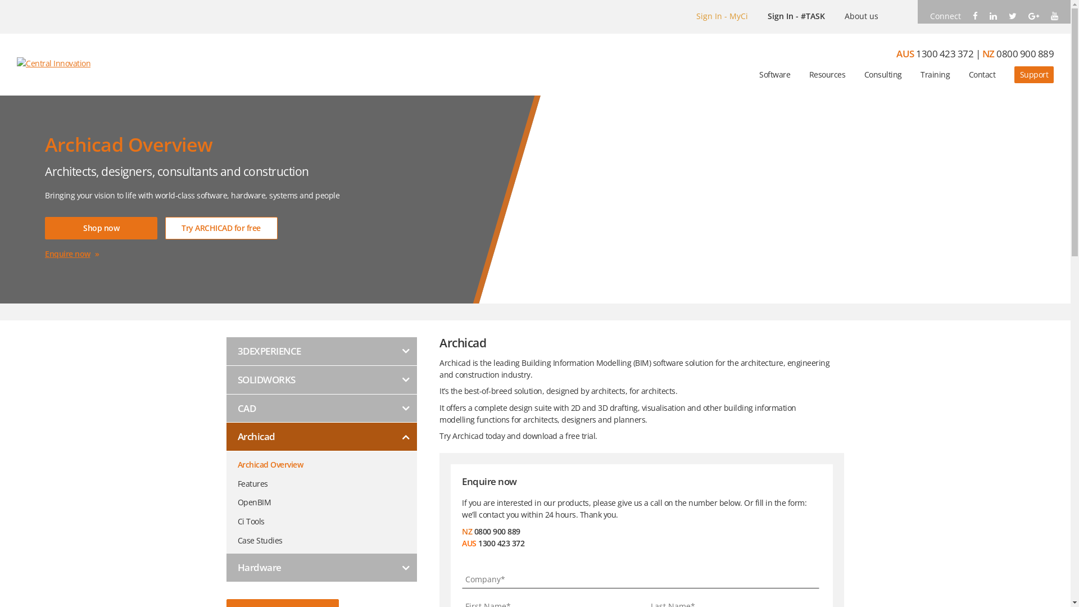 This screenshot has width=1079, height=607. Describe the element at coordinates (320, 436) in the screenshot. I see `'Archicad'` at that location.